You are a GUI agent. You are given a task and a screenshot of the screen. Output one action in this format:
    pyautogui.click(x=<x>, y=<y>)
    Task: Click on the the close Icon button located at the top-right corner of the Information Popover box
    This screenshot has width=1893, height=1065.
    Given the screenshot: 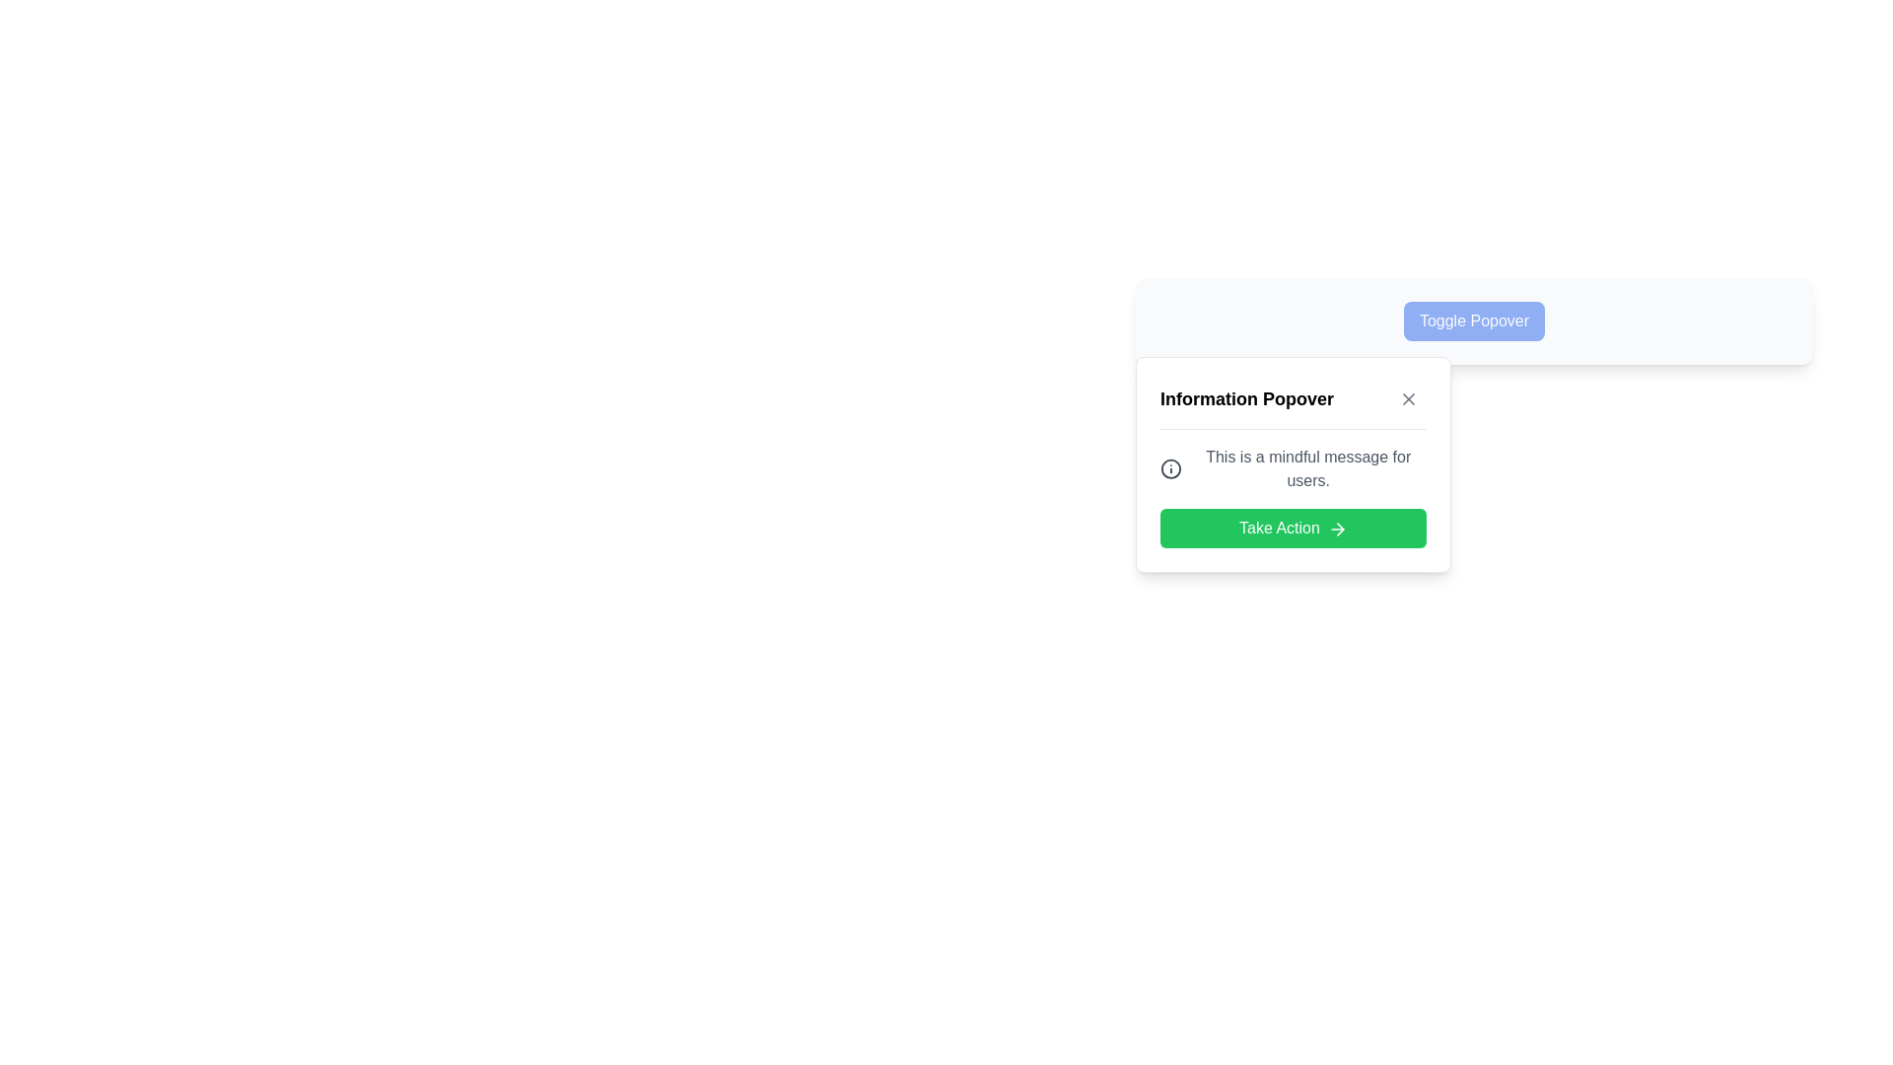 What is the action you would take?
    pyautogui.click(x=1408, y=399)
    